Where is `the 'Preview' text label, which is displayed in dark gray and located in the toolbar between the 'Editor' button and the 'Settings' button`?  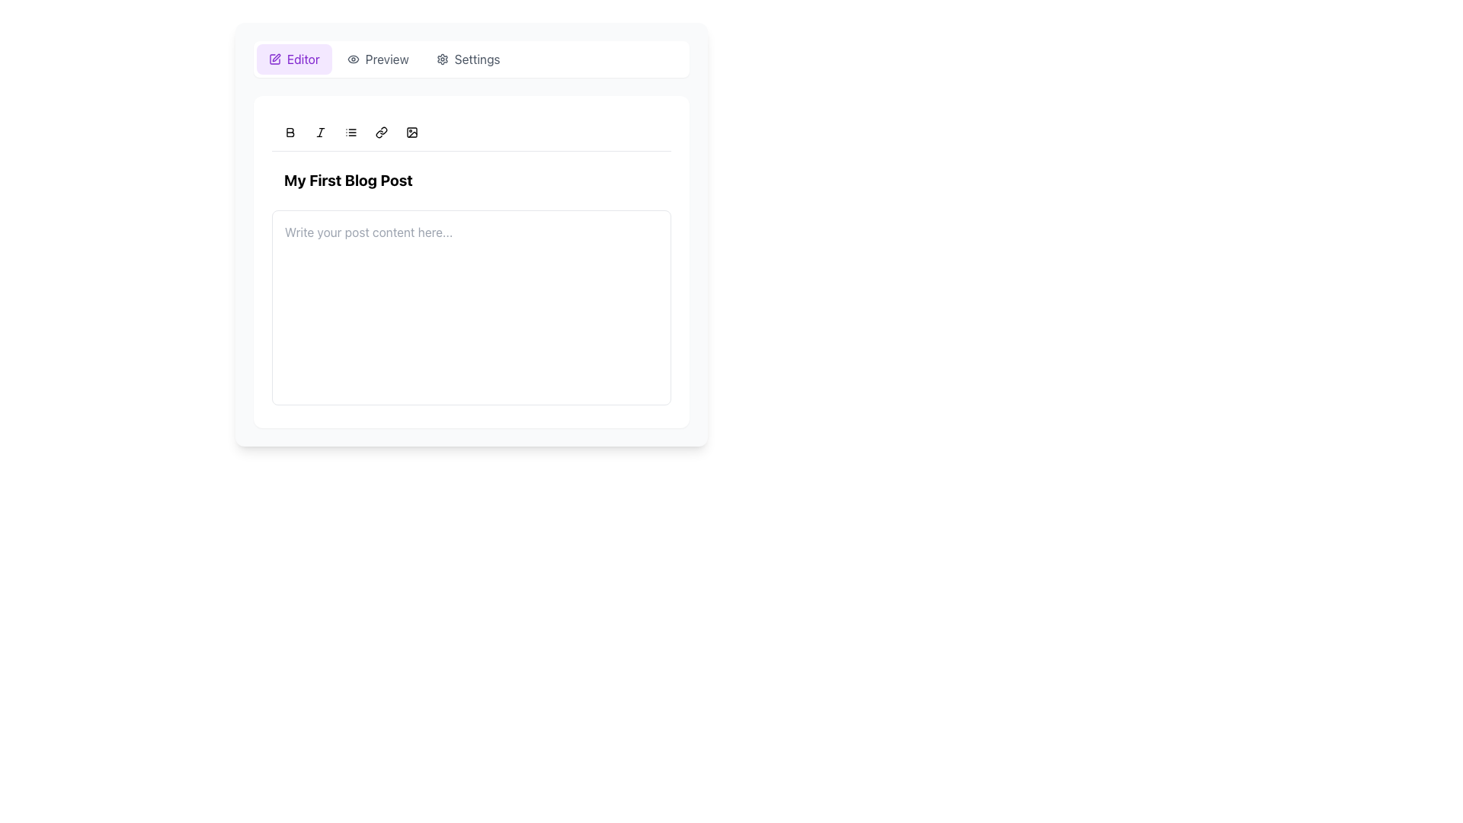
the 'Preview' text label, which is displayed in dark gray and located in the toolbar between the 'Editor' button and the 'Settings' button is located at coordinates (387, 58).